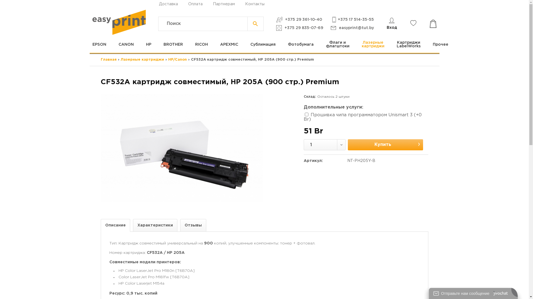 The height and width of the screenshot is (299, 533). What do you see at coordinates (276, 19) in the screenshot?
I see `'+375 29 361-10-40'` at bounding box center [276, 19].